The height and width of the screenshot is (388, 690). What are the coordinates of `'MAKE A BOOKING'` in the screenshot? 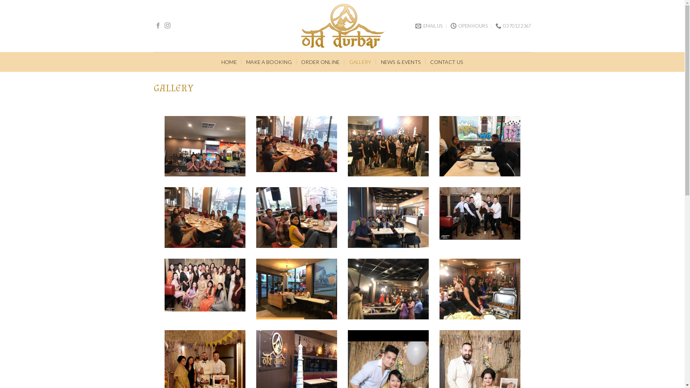 It's located at (246, 61).